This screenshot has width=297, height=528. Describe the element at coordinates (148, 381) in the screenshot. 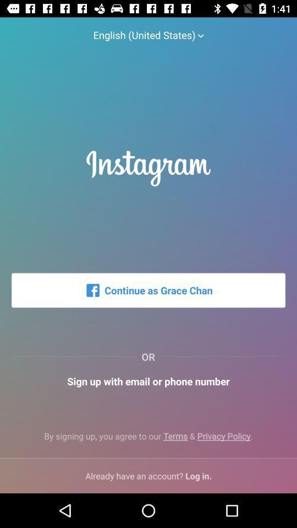

I see `sign up with item` at that location.